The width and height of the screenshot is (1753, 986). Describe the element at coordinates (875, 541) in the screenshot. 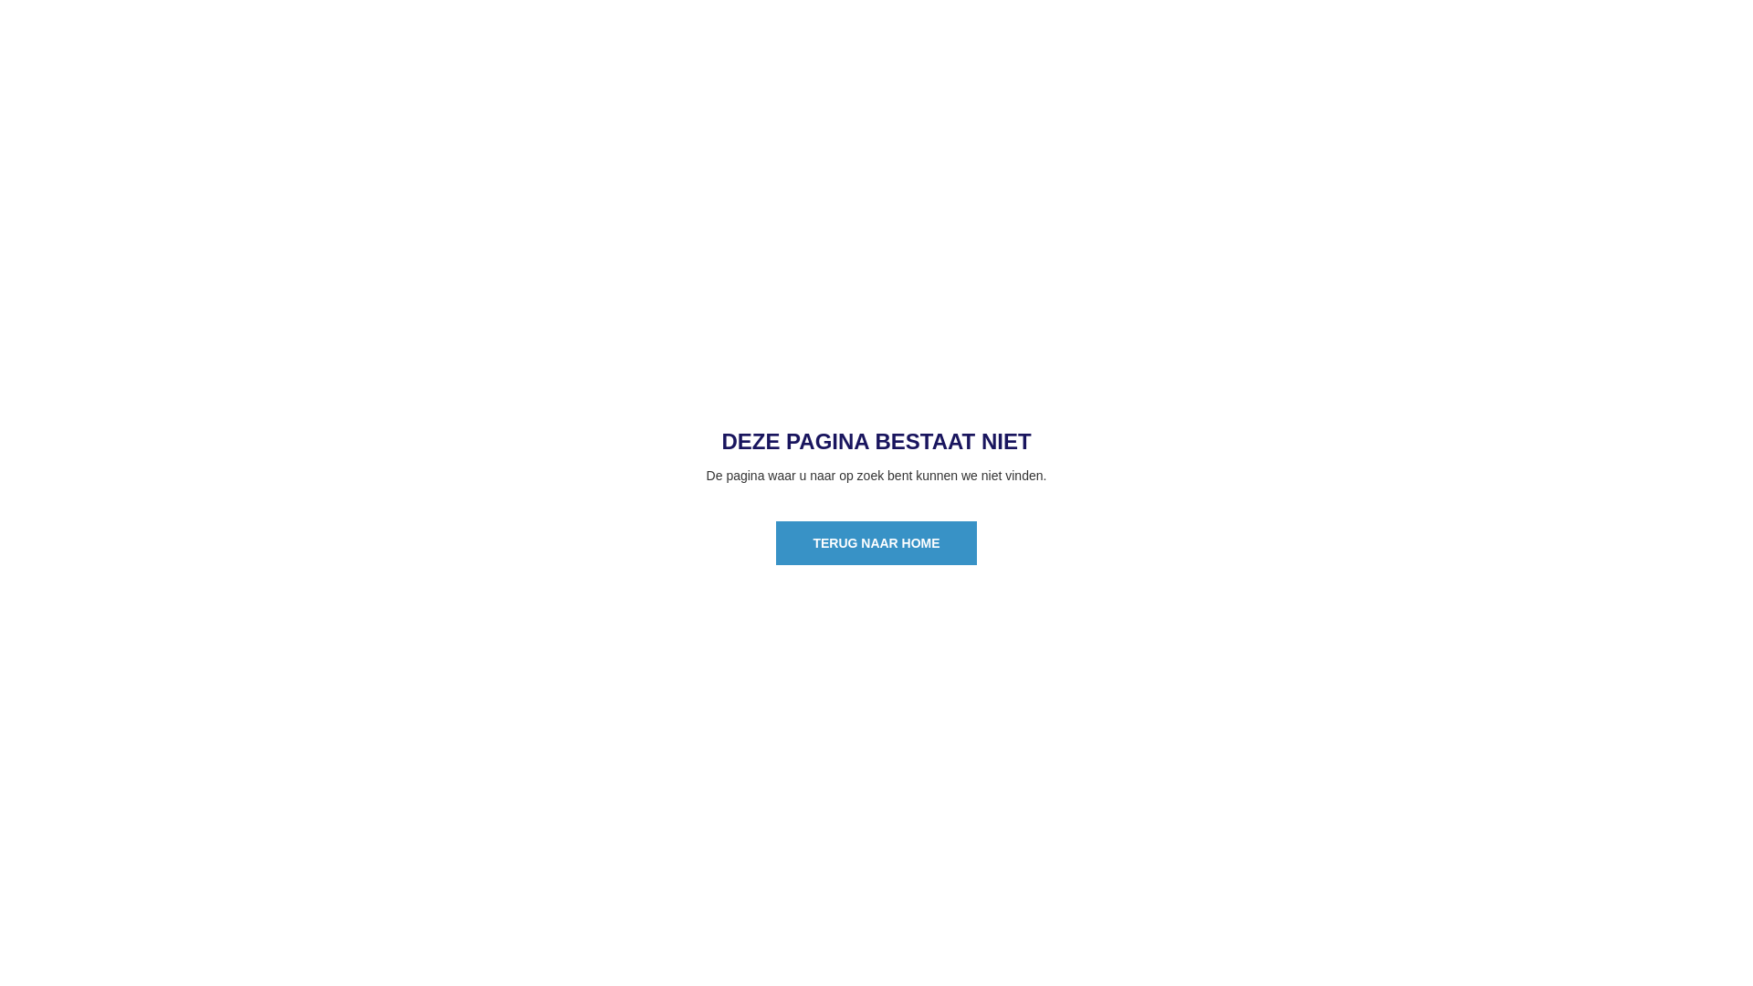

I see `'TERUG NAAR HOME'` at that location.